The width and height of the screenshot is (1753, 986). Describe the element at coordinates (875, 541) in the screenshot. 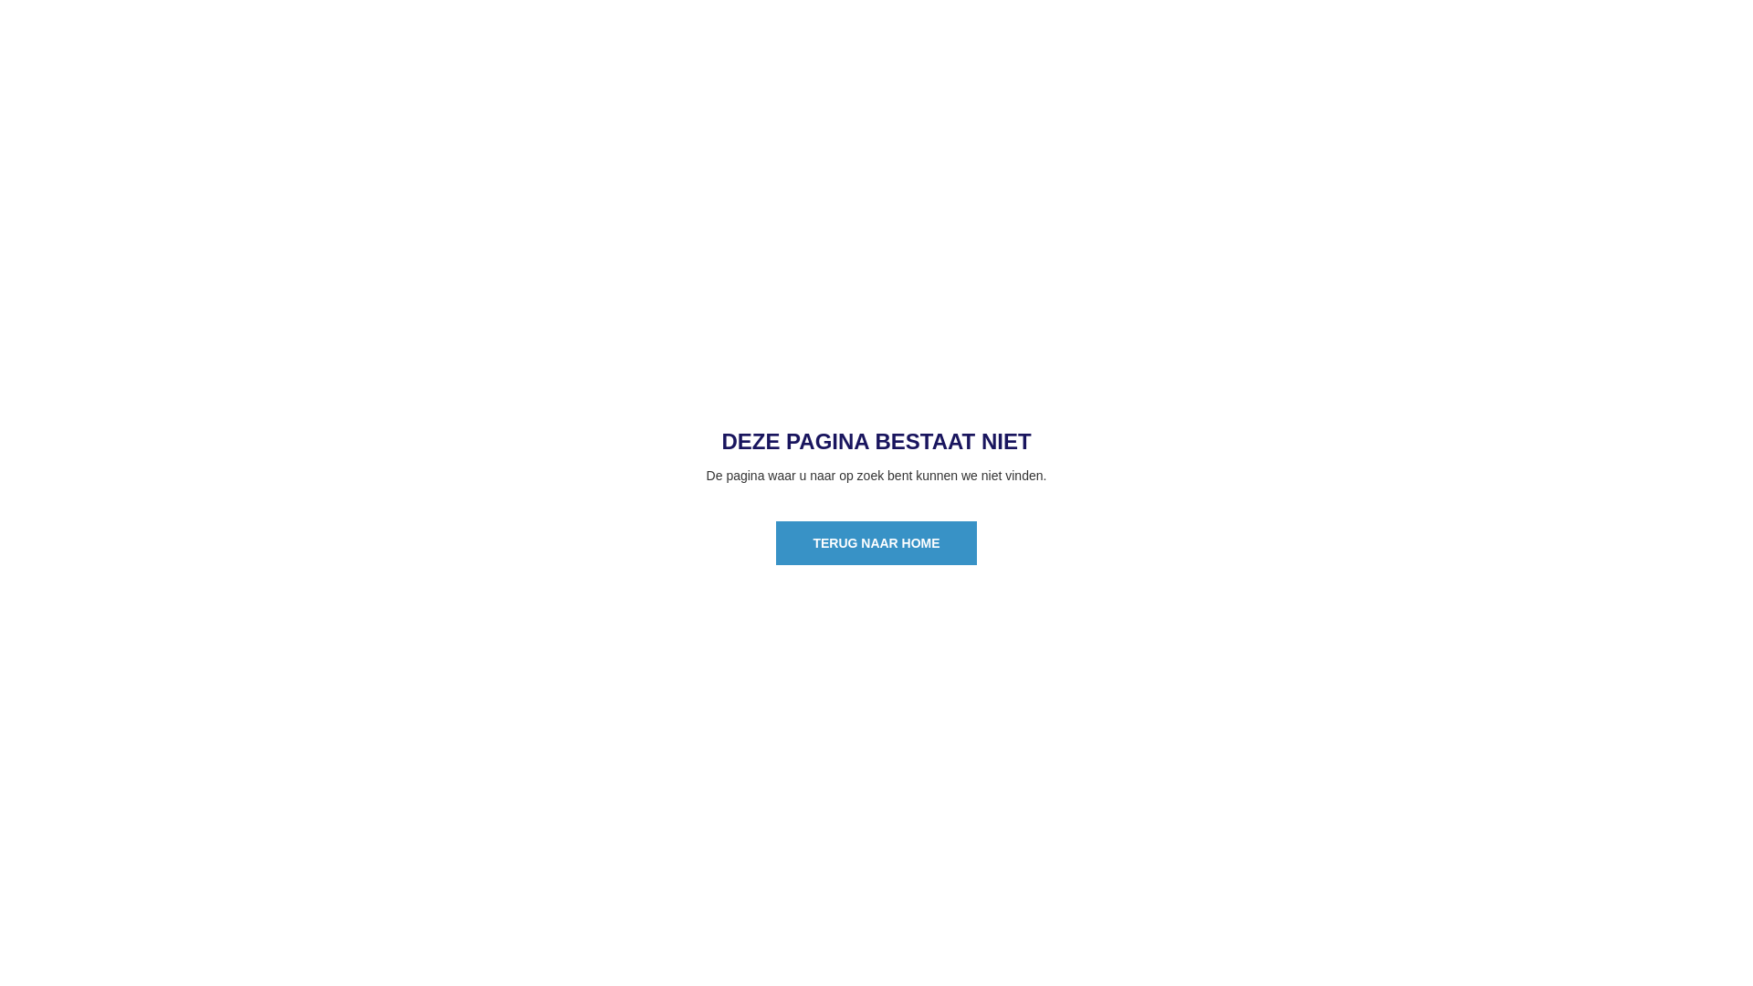

I see `'TERUG NAAR HOME'` at that location.